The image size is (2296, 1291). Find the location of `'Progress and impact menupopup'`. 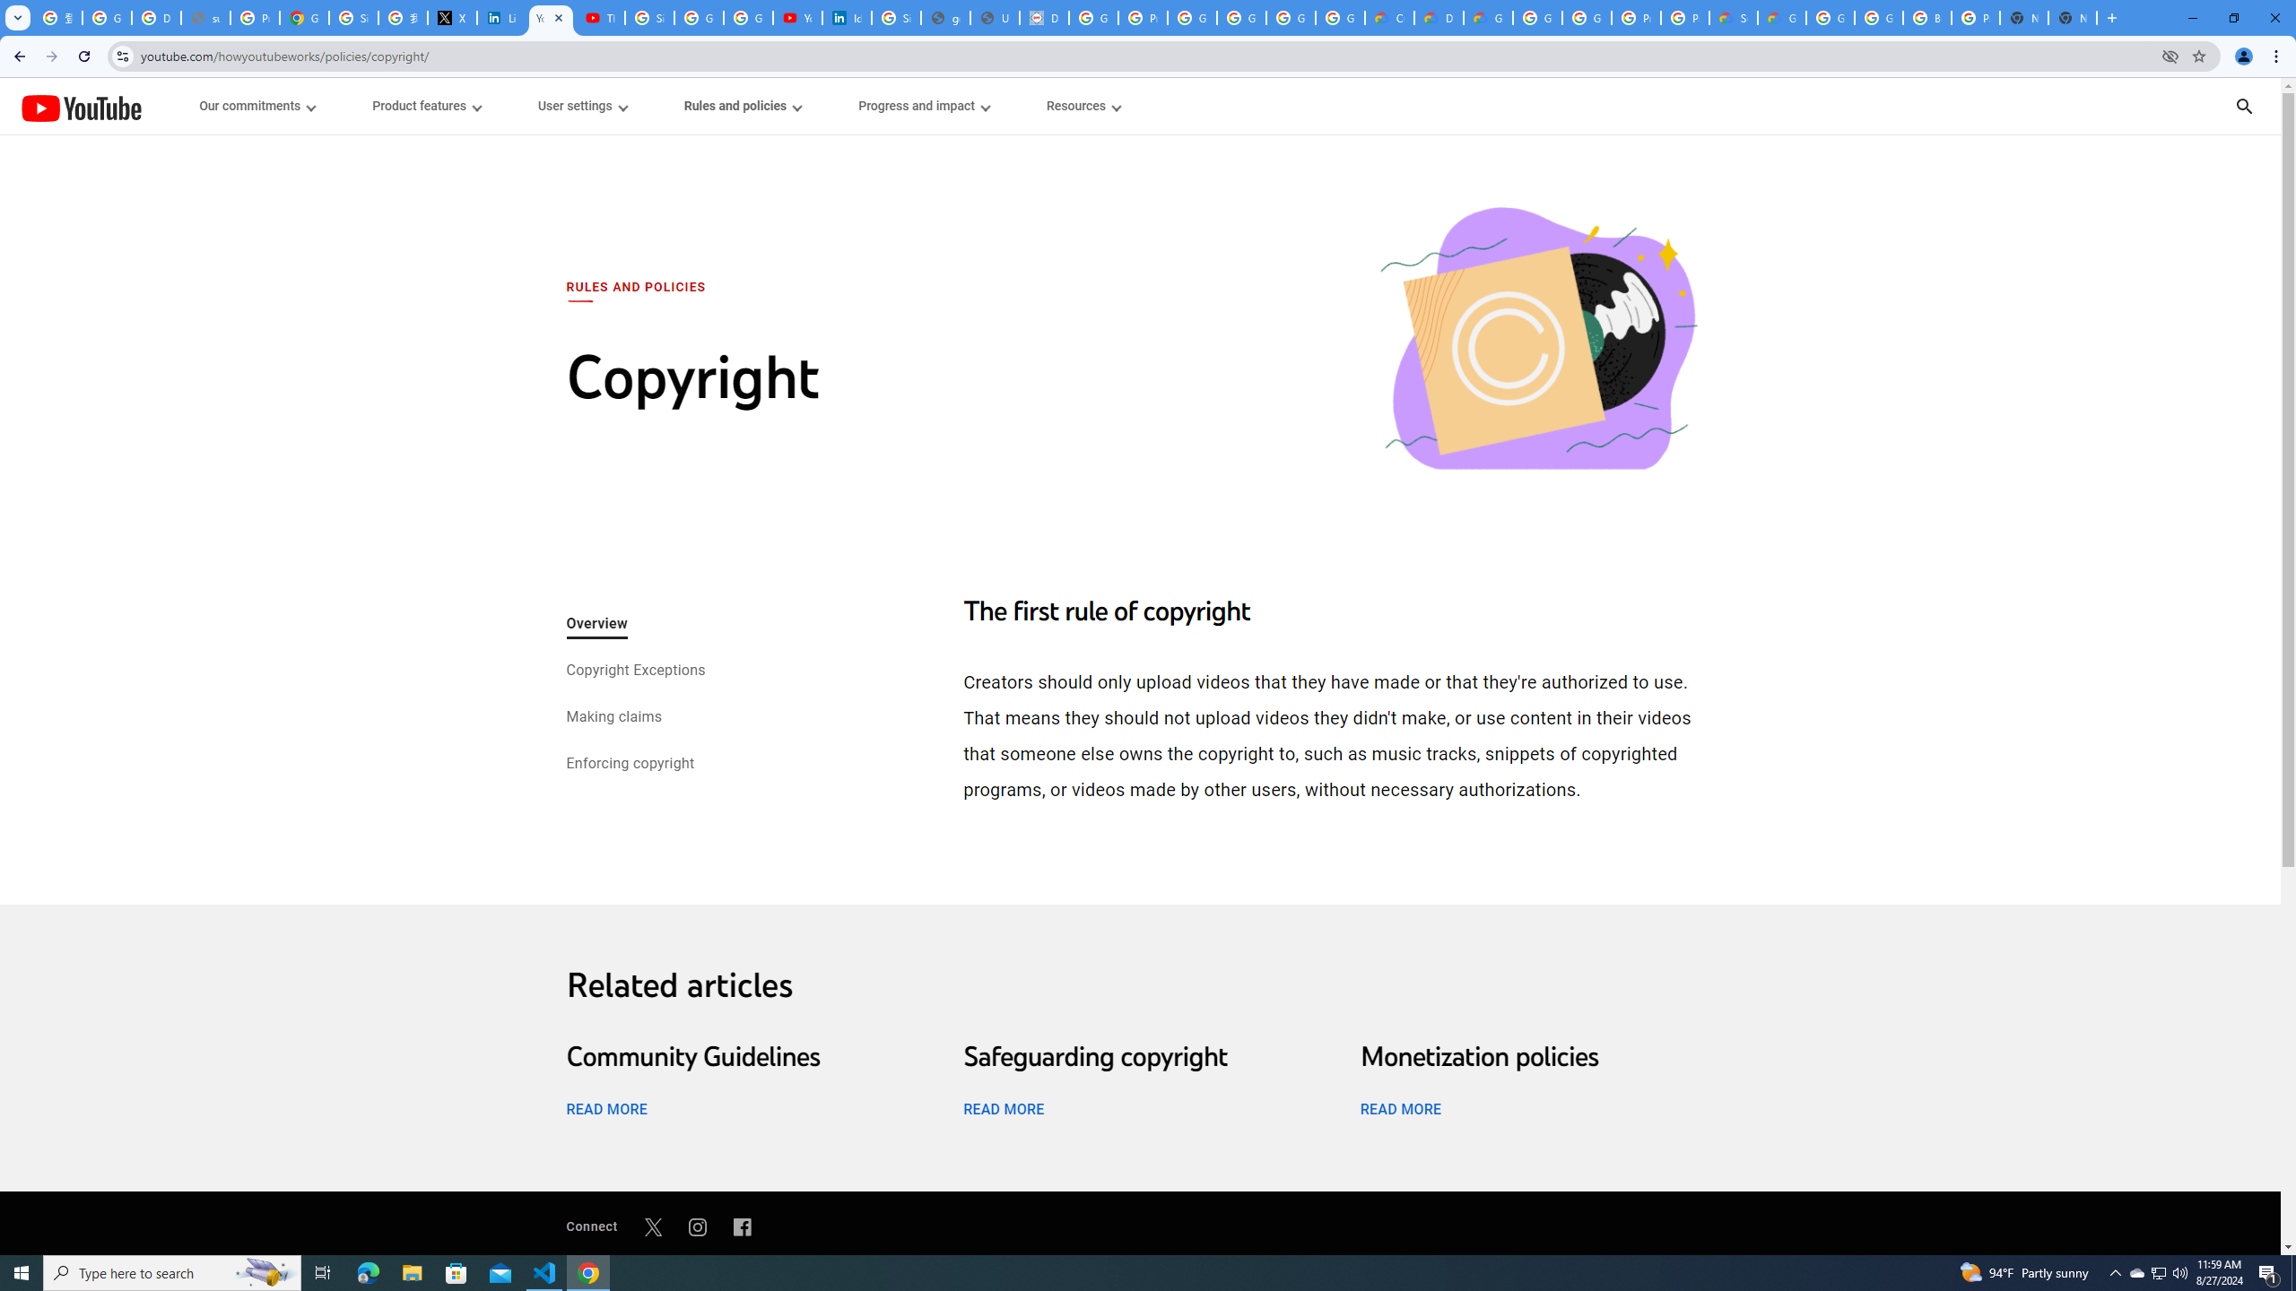

'Progress and impact menupopup' is located at coordinates (924, 106).